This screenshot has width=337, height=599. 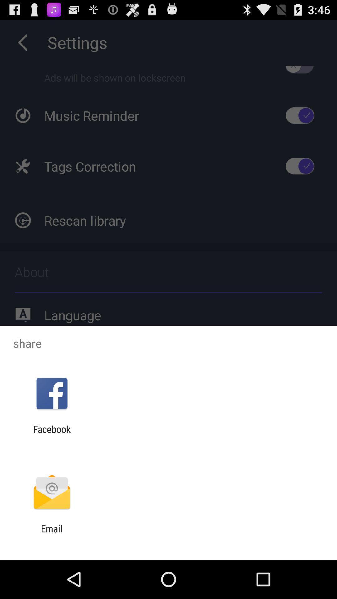 I want to click on email icon, so click(x=51, y=534).